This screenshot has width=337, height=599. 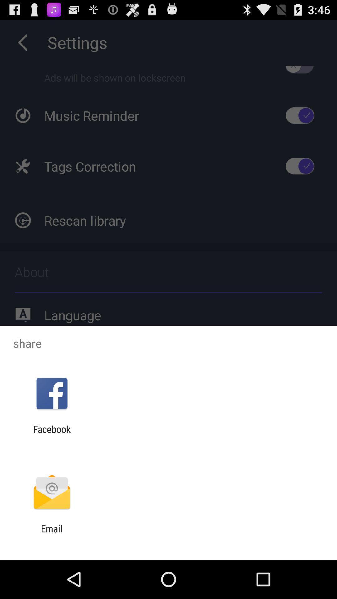 I want to click on email icon, so click(x=51, y=534).